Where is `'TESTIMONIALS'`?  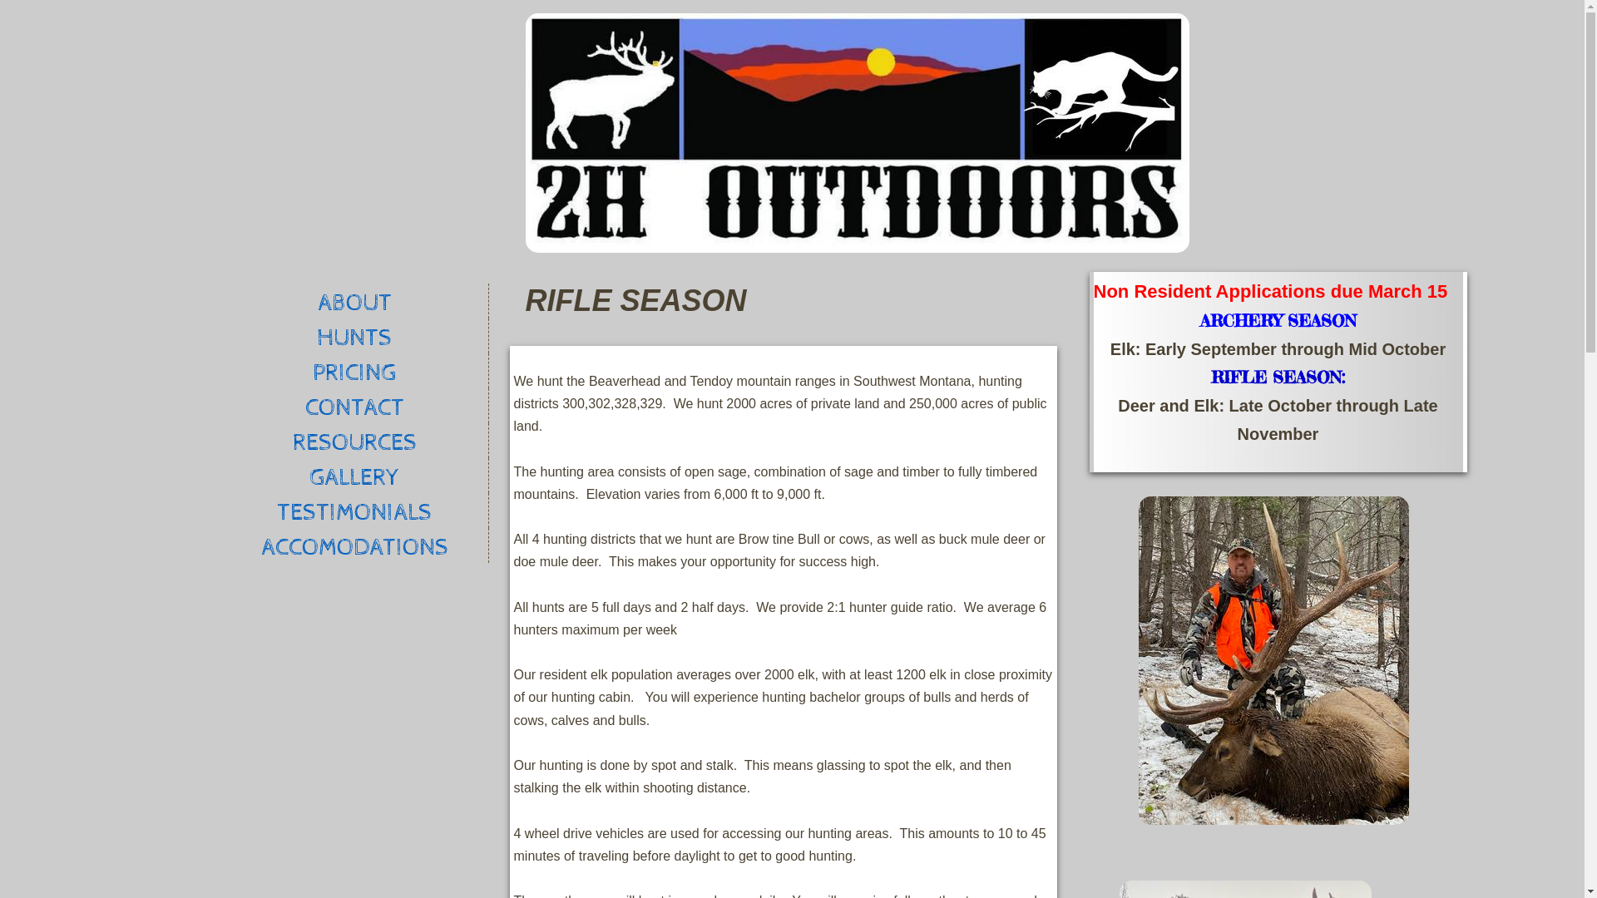
'TESTIMONIALS' is located at coordinates (354, 509).